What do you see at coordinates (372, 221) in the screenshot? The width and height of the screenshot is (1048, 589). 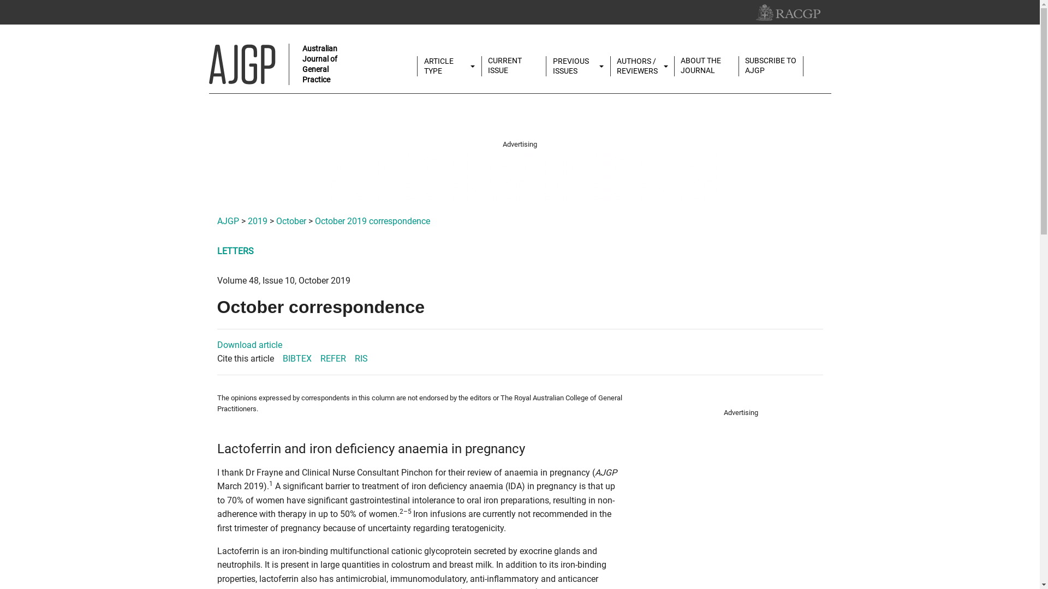 I see `'October 2019 correspondence'` at bounding box center [372, 221].